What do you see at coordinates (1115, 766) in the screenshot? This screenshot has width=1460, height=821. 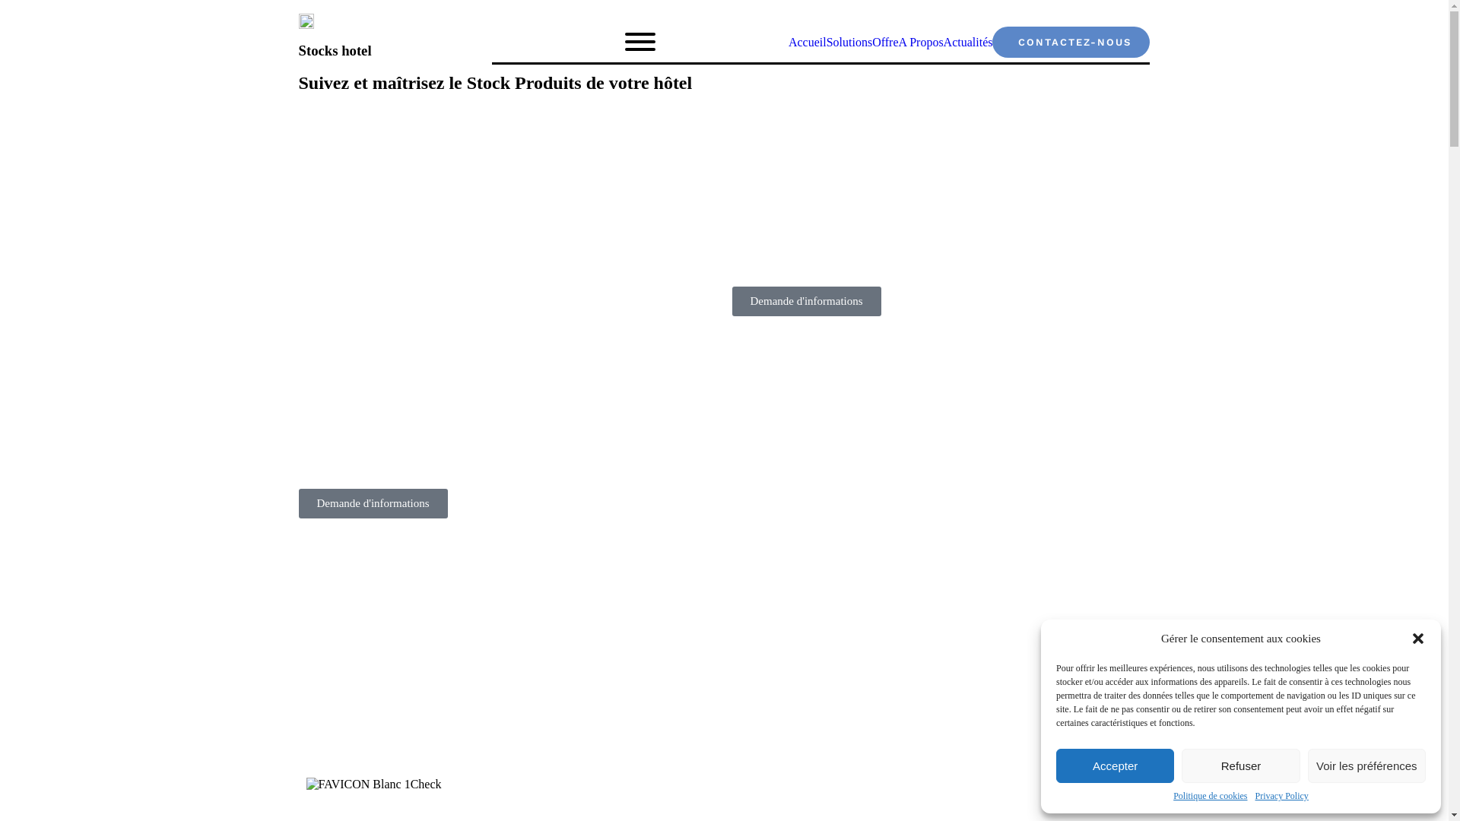 I see `'Accepter'` at bounding box center [1115, 766].